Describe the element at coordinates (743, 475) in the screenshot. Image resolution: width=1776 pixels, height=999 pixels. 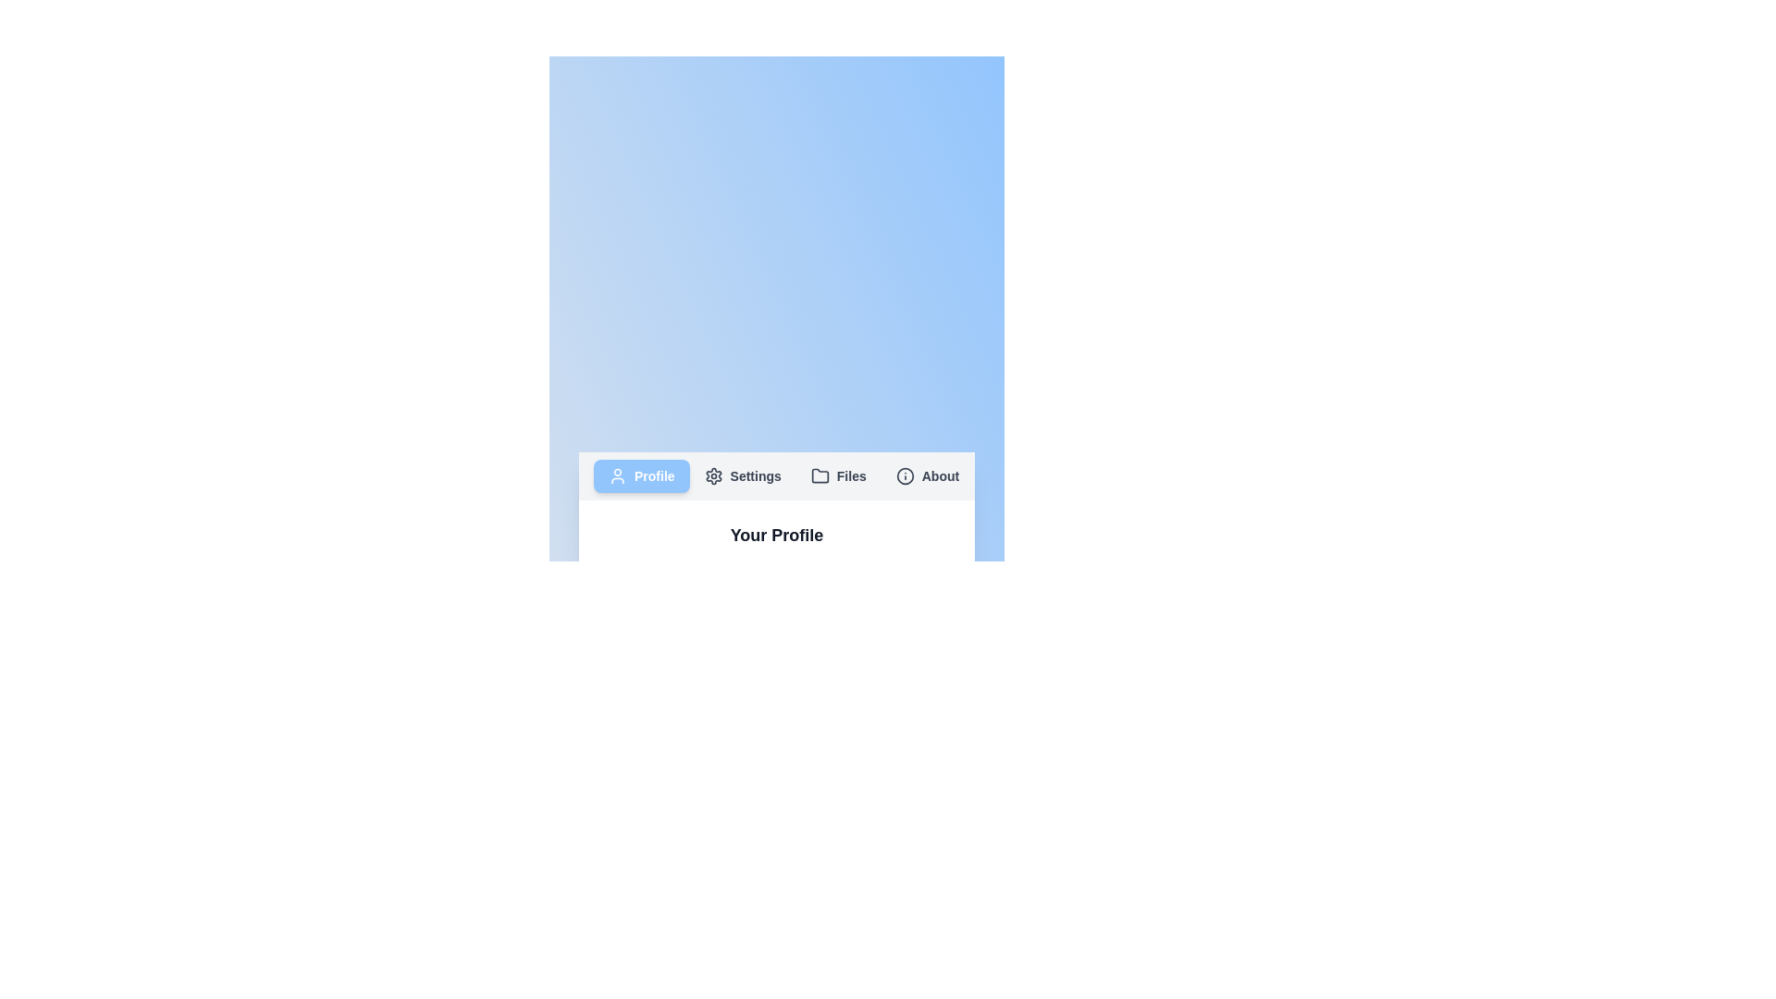
I see `the 'Settings' button, which is a horizontally aligned button with a gear icon` at that location.